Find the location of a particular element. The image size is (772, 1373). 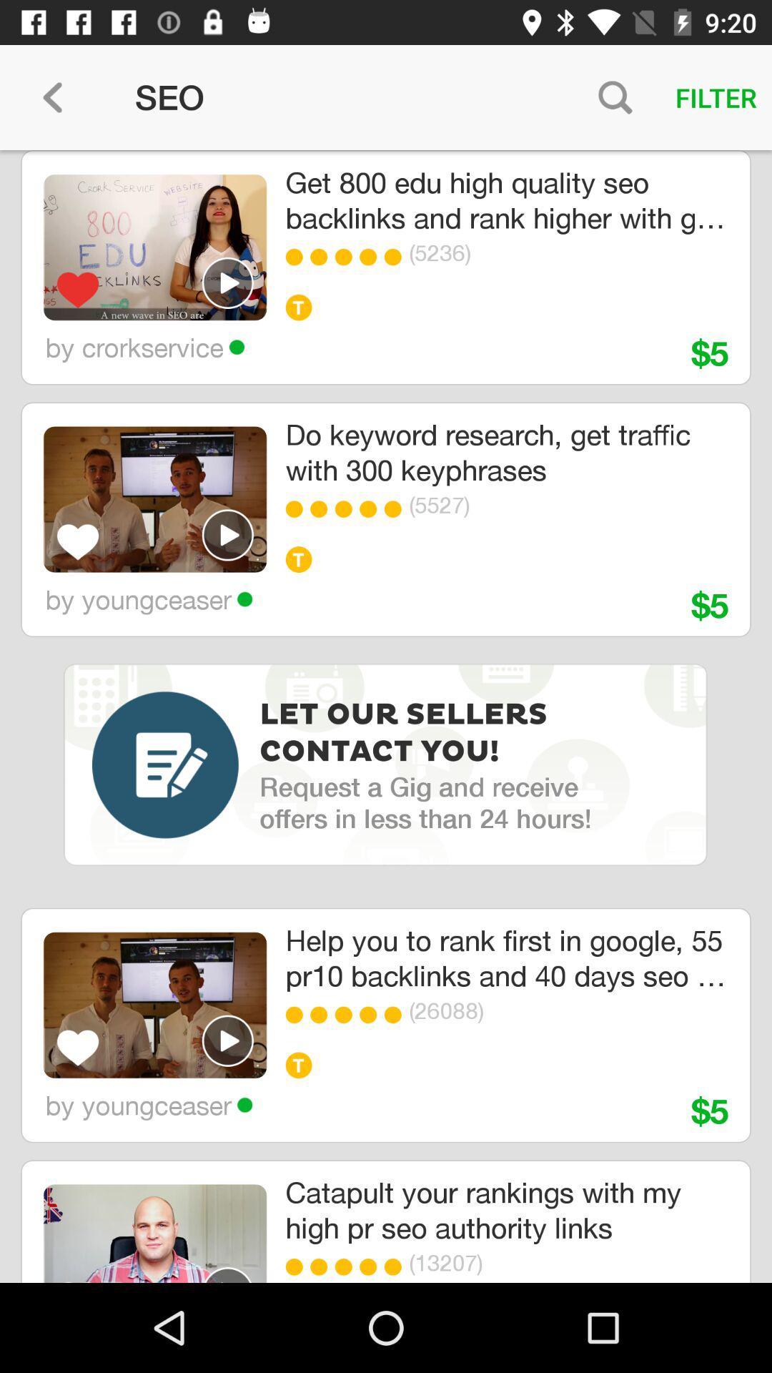

the icon which is left to the let our sellers contact you is located at coordinates (164, 764).